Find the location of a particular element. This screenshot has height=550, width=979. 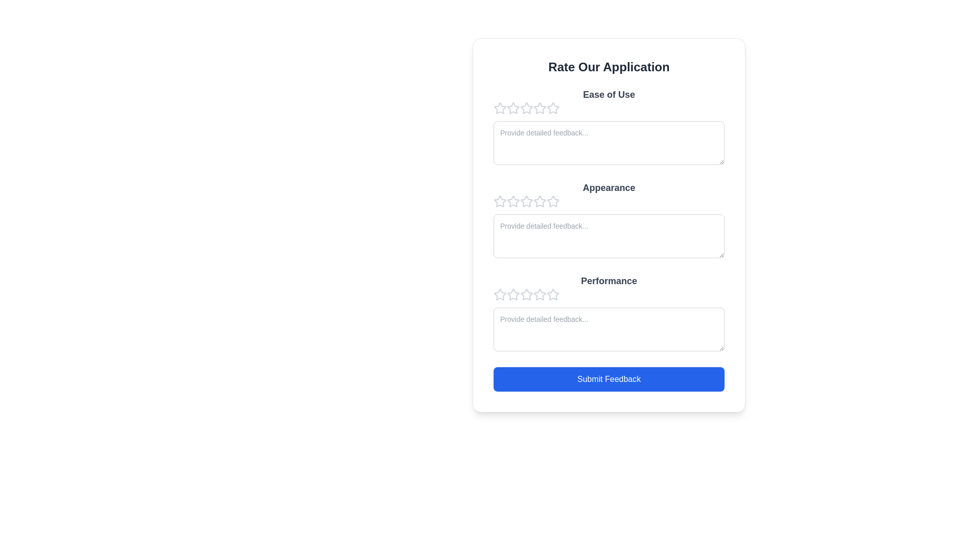

the 'Submit Feedback' button, which is a rectangular button with a blue background and white text, located at the bottom of the form below the 'Performance' feedback section is located at coordinates (609, 379).